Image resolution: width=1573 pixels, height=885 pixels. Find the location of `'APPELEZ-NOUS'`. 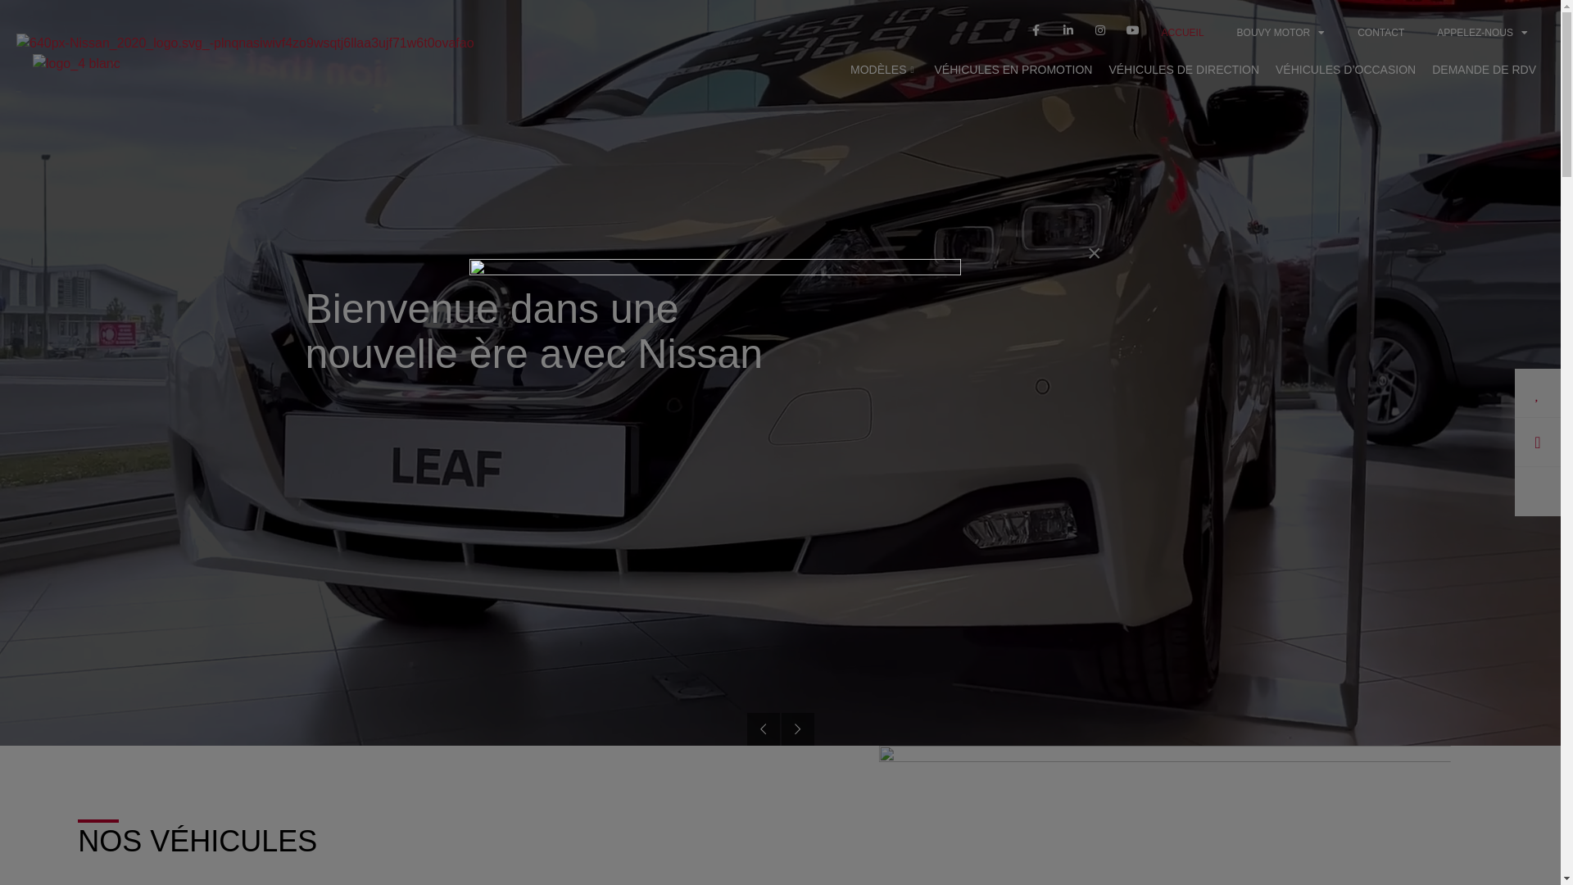

'APPELEZ-NOUS' is located at coordinates (1482, 32).